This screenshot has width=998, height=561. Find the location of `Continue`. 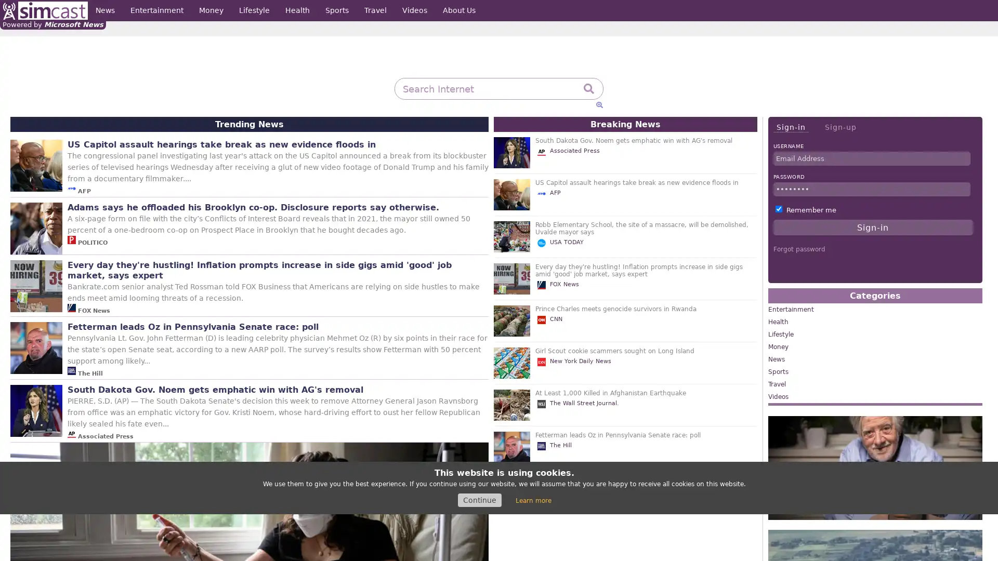

Continue is located at coordinates (479, 500).